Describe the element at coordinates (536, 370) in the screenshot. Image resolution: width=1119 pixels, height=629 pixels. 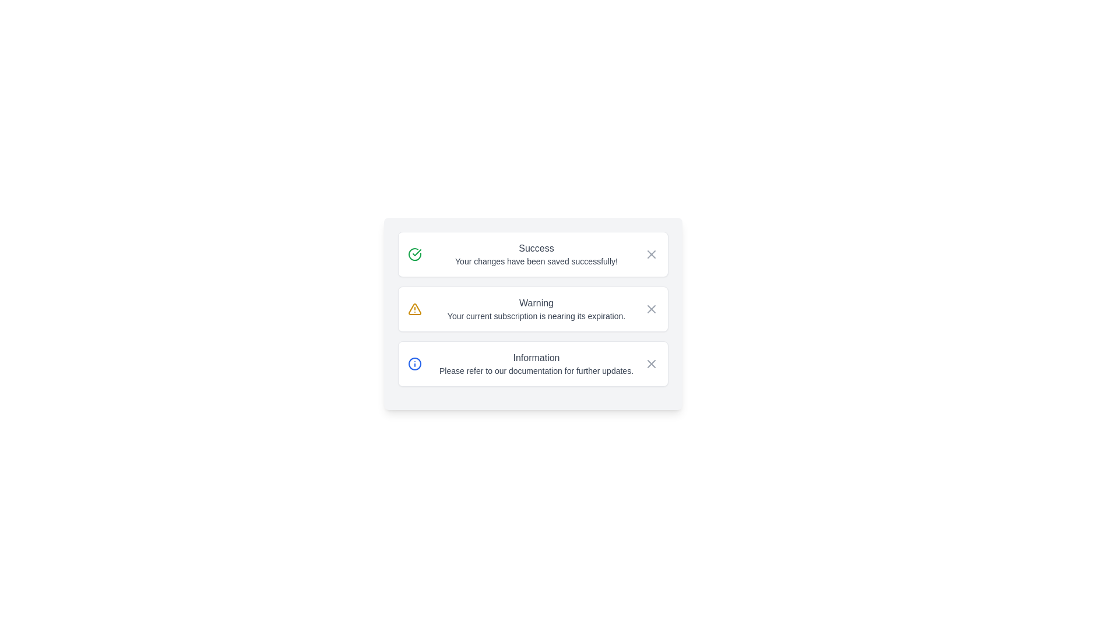
I see `the text label reading 'Please refer to our documentation for further updates.' which is located within the informational card below the 'Information' heading` at that location.